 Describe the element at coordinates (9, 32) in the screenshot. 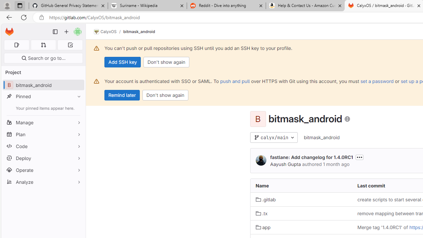

I see `'Homepage'` at that location.